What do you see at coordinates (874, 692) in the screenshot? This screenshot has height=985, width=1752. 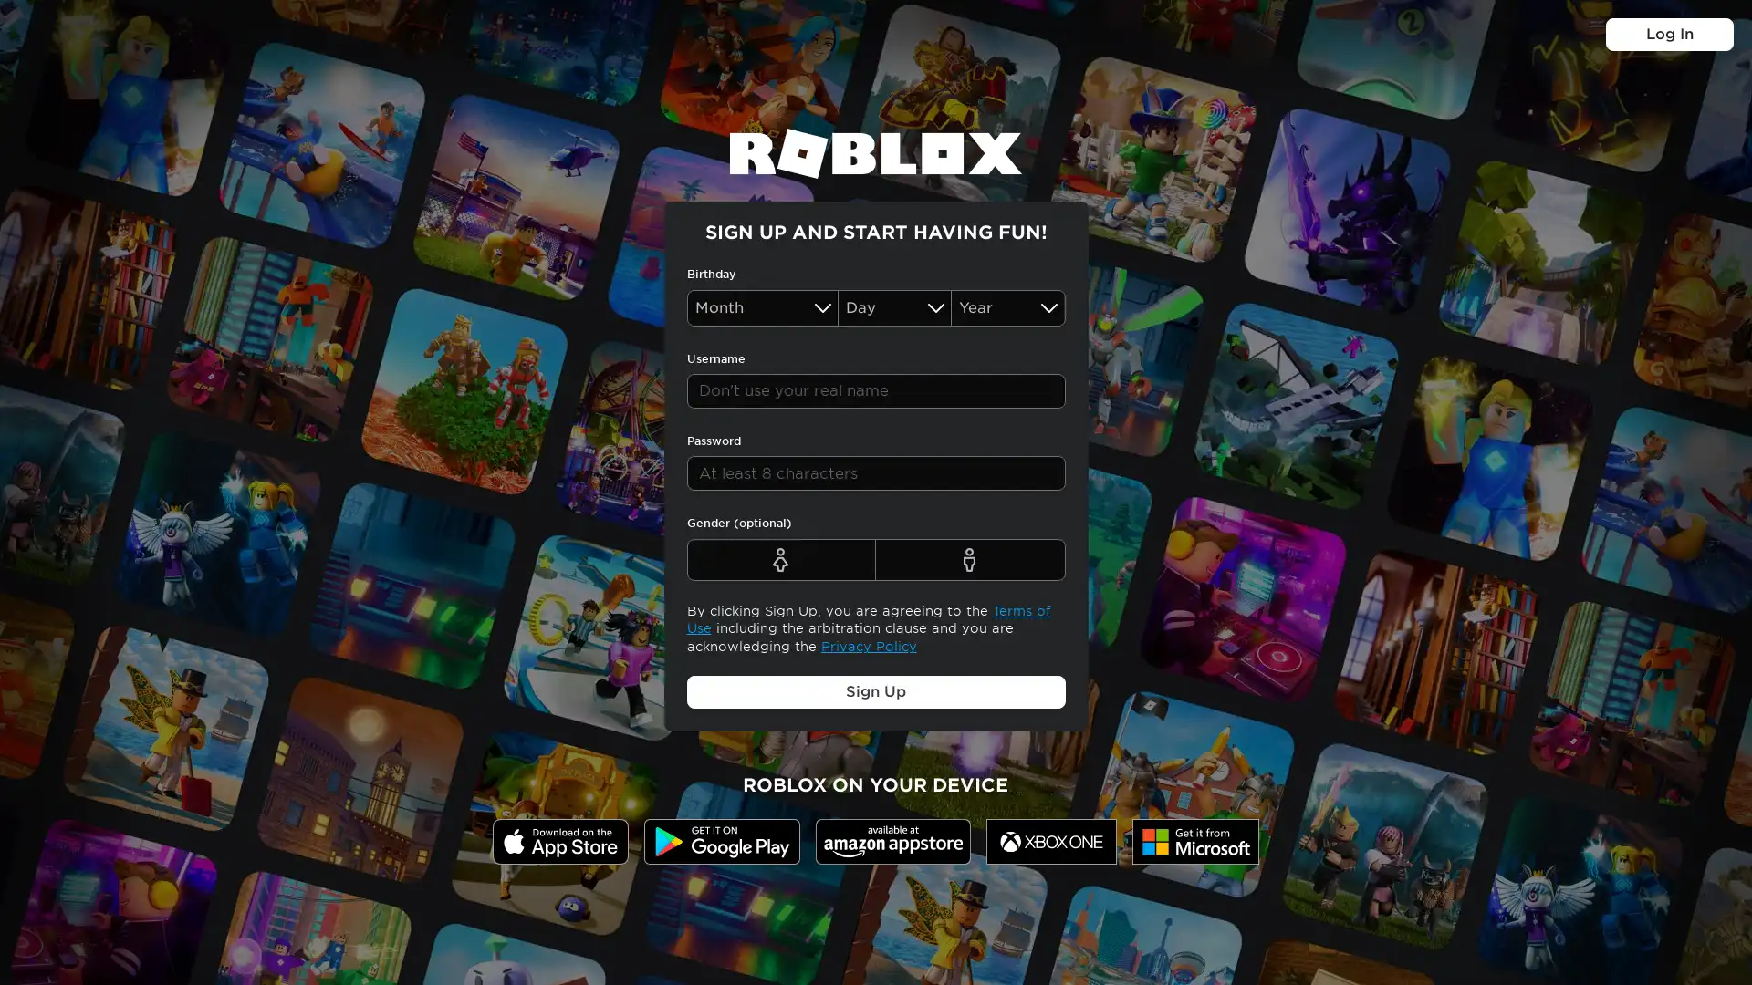 I see `Sign Up` at bounding box center [874, 692].